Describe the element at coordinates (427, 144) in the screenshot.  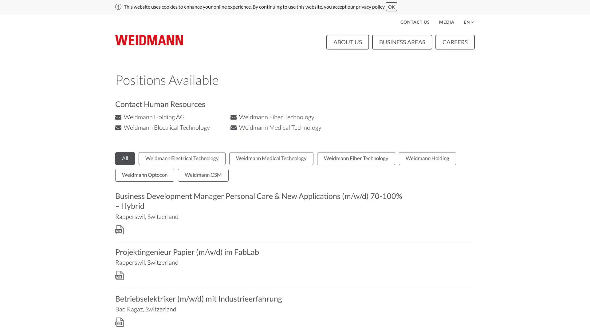
I see `Weidmann Holding` at that location.